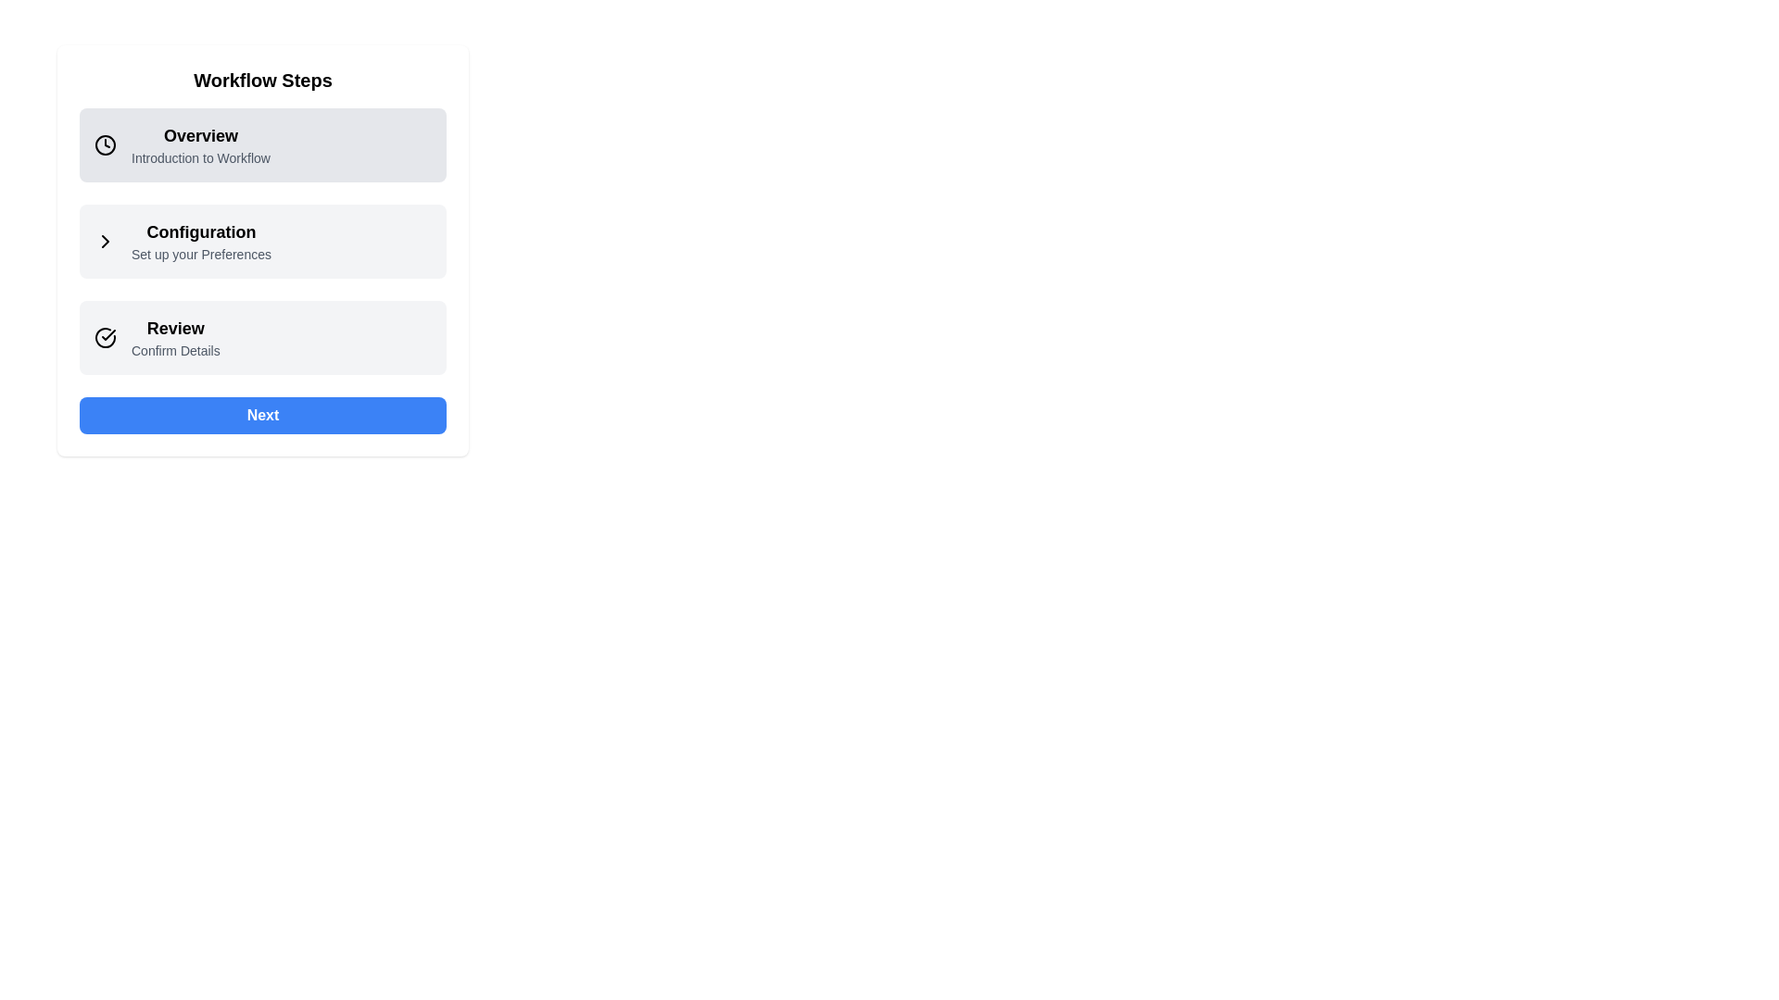 This screenshot has height=1000, width=1779. I want to click on the checkmark icon styled with a line-based design located within the circular outline to the left of the 'Review' text in the 'Workflow Steps' section, so click(107, 335).